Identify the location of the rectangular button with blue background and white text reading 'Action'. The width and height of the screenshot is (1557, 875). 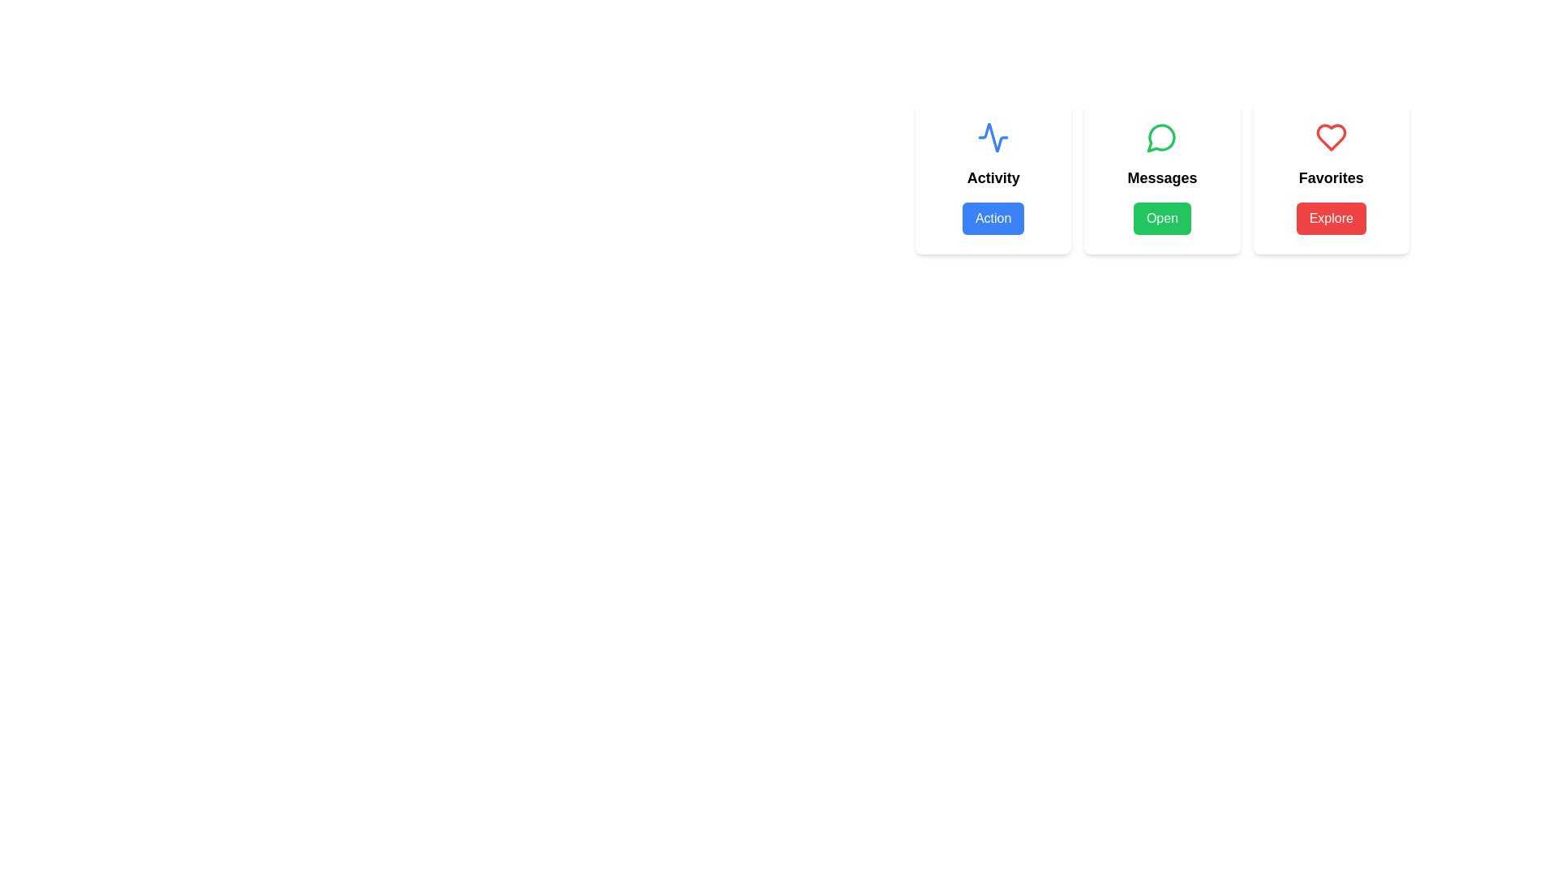
(993, 219).